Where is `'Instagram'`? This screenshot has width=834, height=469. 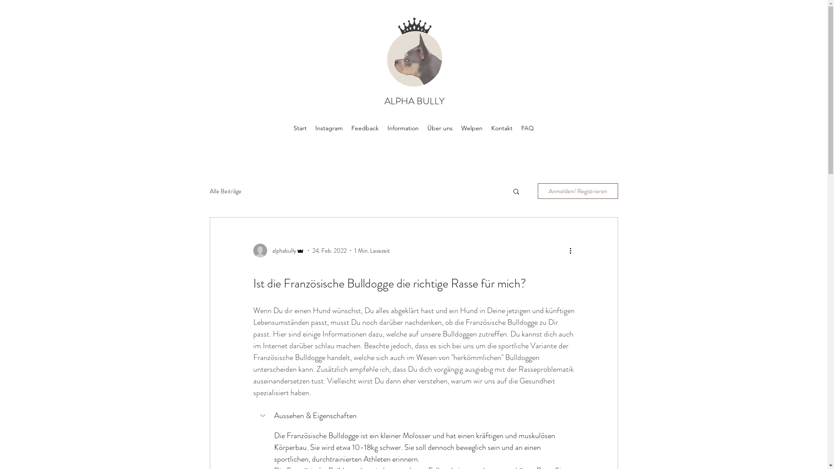 'Instagram' is located at coordinates (328, 128).